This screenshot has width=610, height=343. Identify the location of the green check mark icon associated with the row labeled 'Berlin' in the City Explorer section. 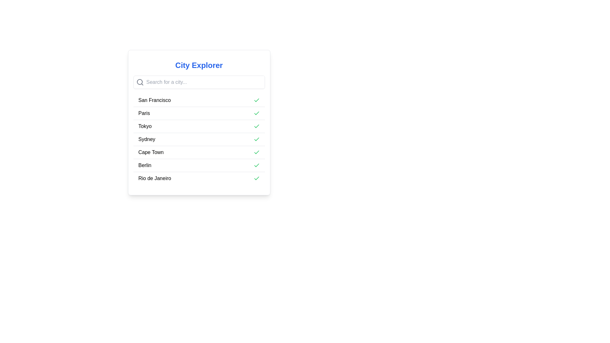
(256, 126).